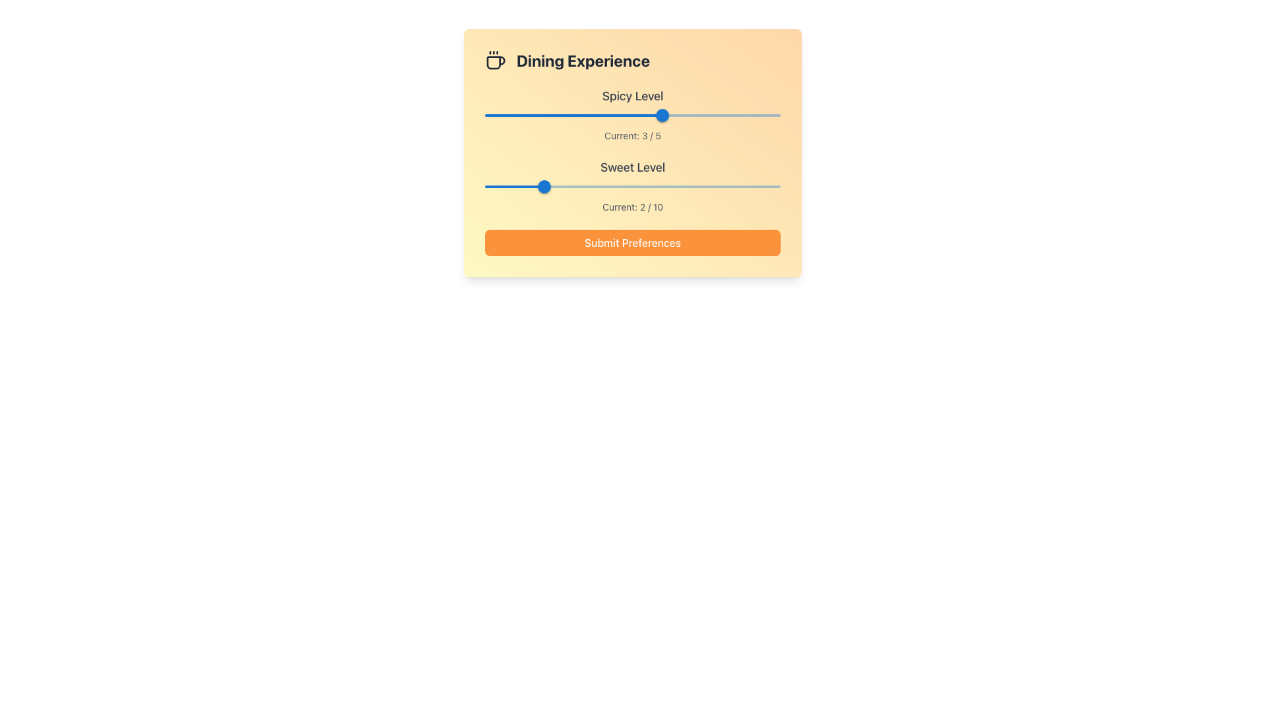  Describe the element at coordinates (544, 186) in the screenshot. I see `the sweet level` at that location.